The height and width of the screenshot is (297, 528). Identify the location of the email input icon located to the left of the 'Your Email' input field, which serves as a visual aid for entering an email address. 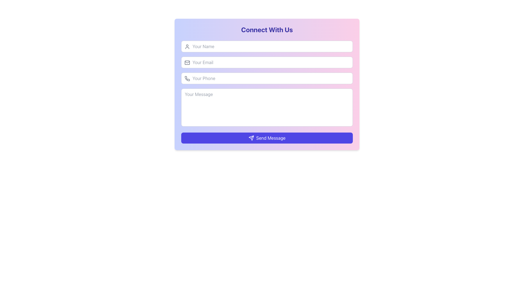
(187, 62).